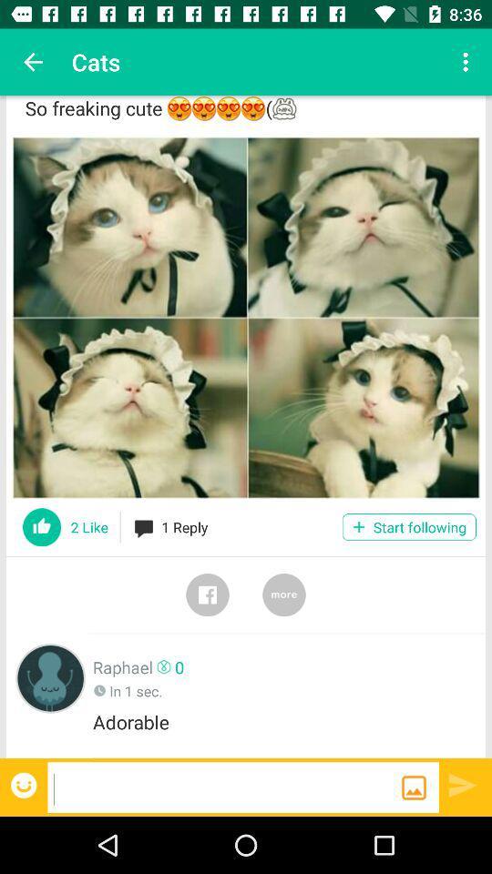  Describe the element at coordinates (25, 784) in the screenshot. I see `emoji` at that location.